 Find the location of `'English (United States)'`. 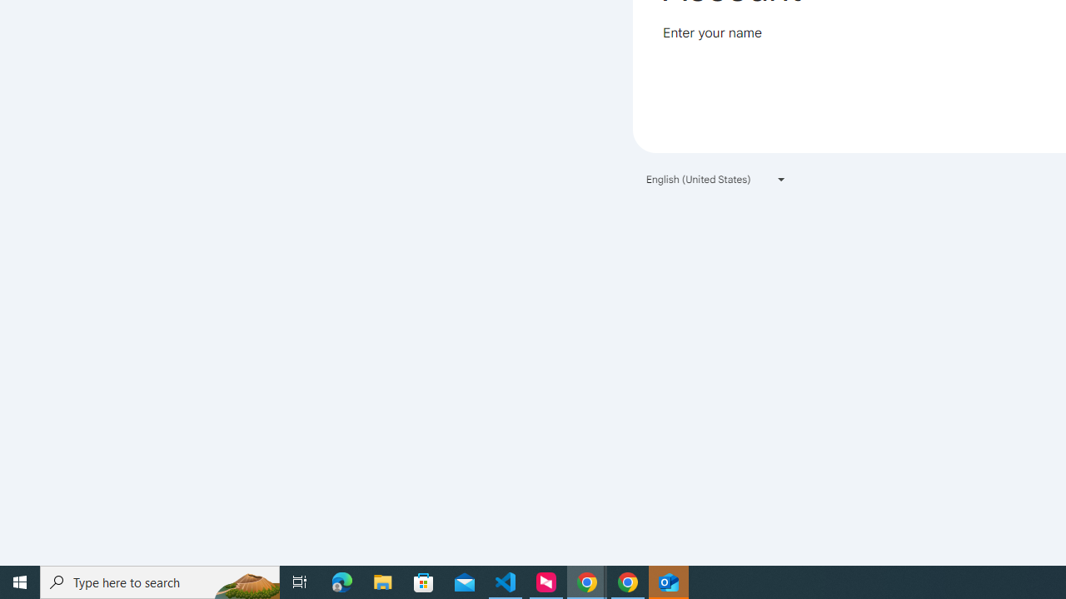

'English (United States)' is located at coordinates (716, 179).